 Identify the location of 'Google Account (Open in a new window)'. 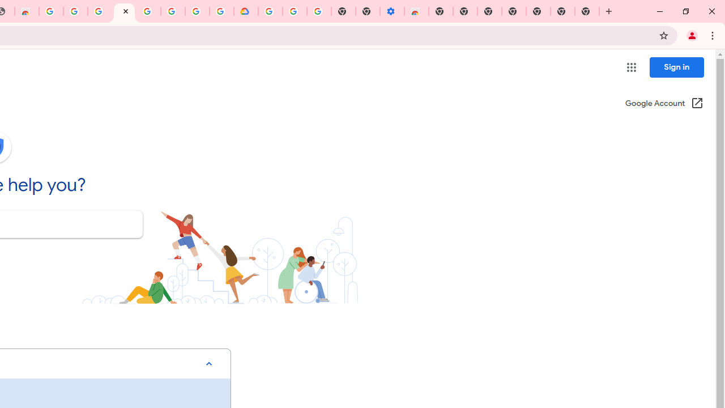
(664, 104).